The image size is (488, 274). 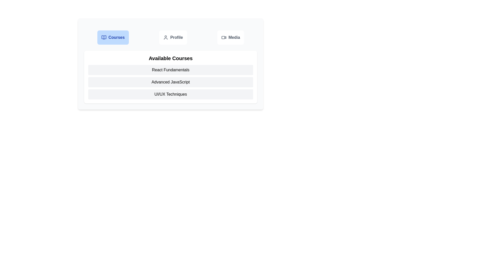 I want to click on the 'Profile' button on the Navigation bar, so click(x=171, y=37).